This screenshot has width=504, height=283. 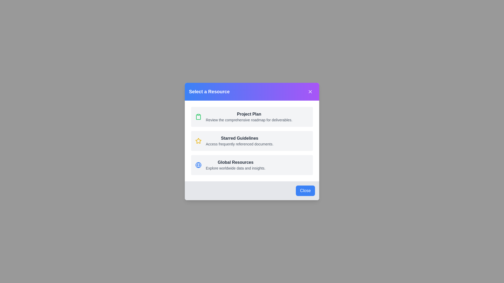 I want to click on the 'Global Resources' resource option, so click(x=252, y=165).